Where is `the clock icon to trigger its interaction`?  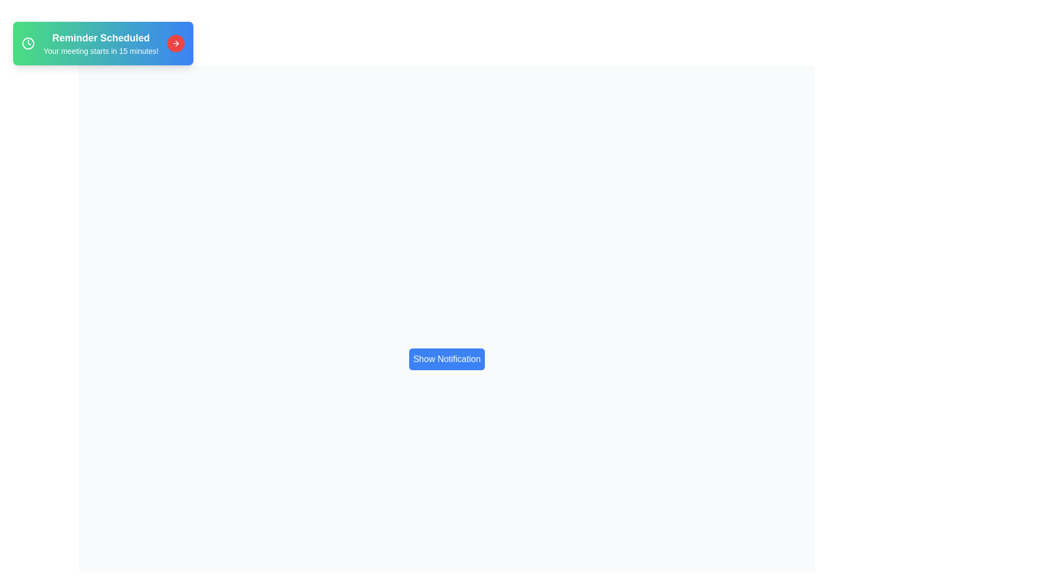
the clock icon to trigger its interaction is located at coordinates (28, 43).